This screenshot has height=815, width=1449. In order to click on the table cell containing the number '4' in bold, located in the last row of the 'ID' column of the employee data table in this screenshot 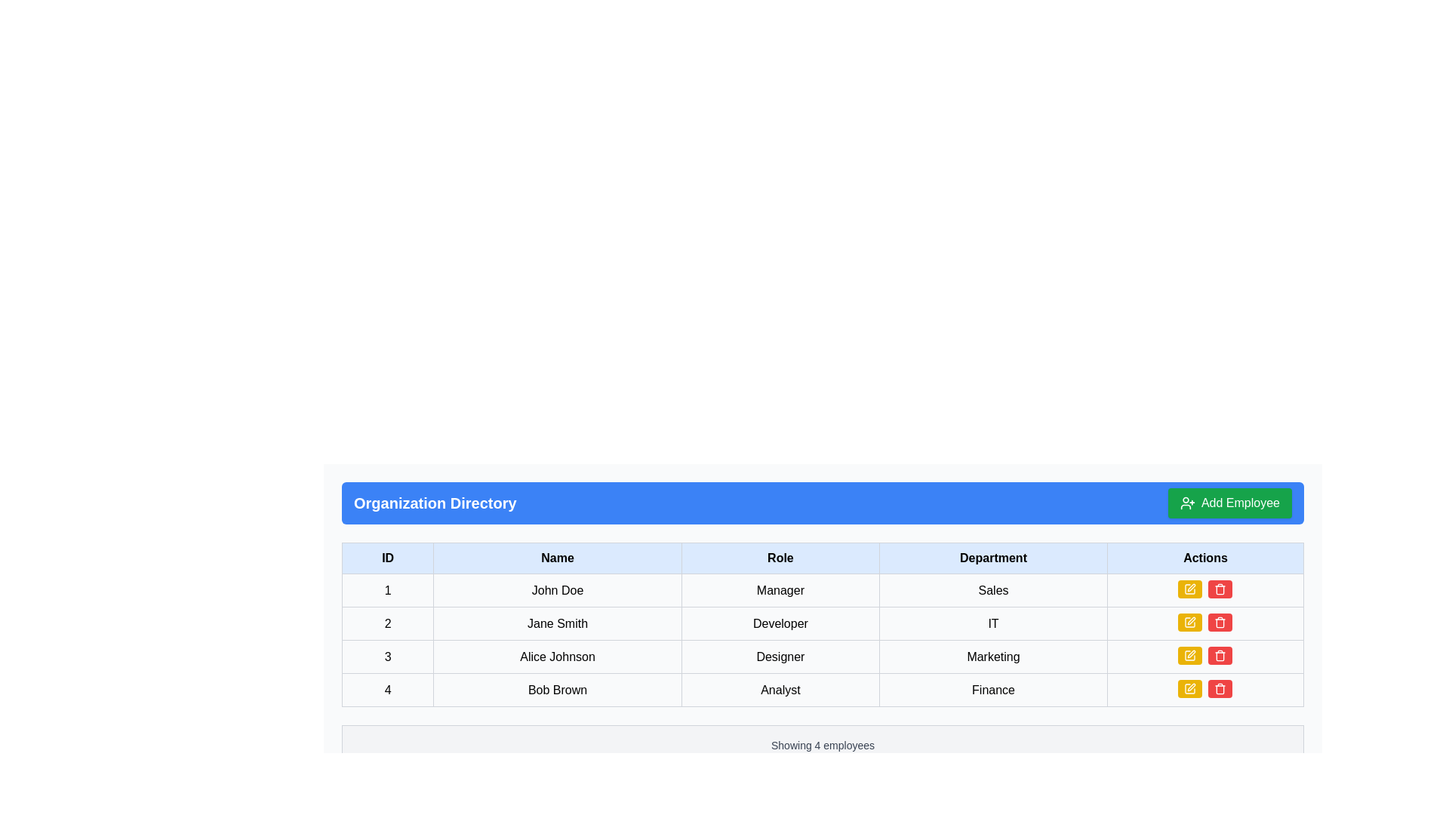, I will do `click(388, 690)`.